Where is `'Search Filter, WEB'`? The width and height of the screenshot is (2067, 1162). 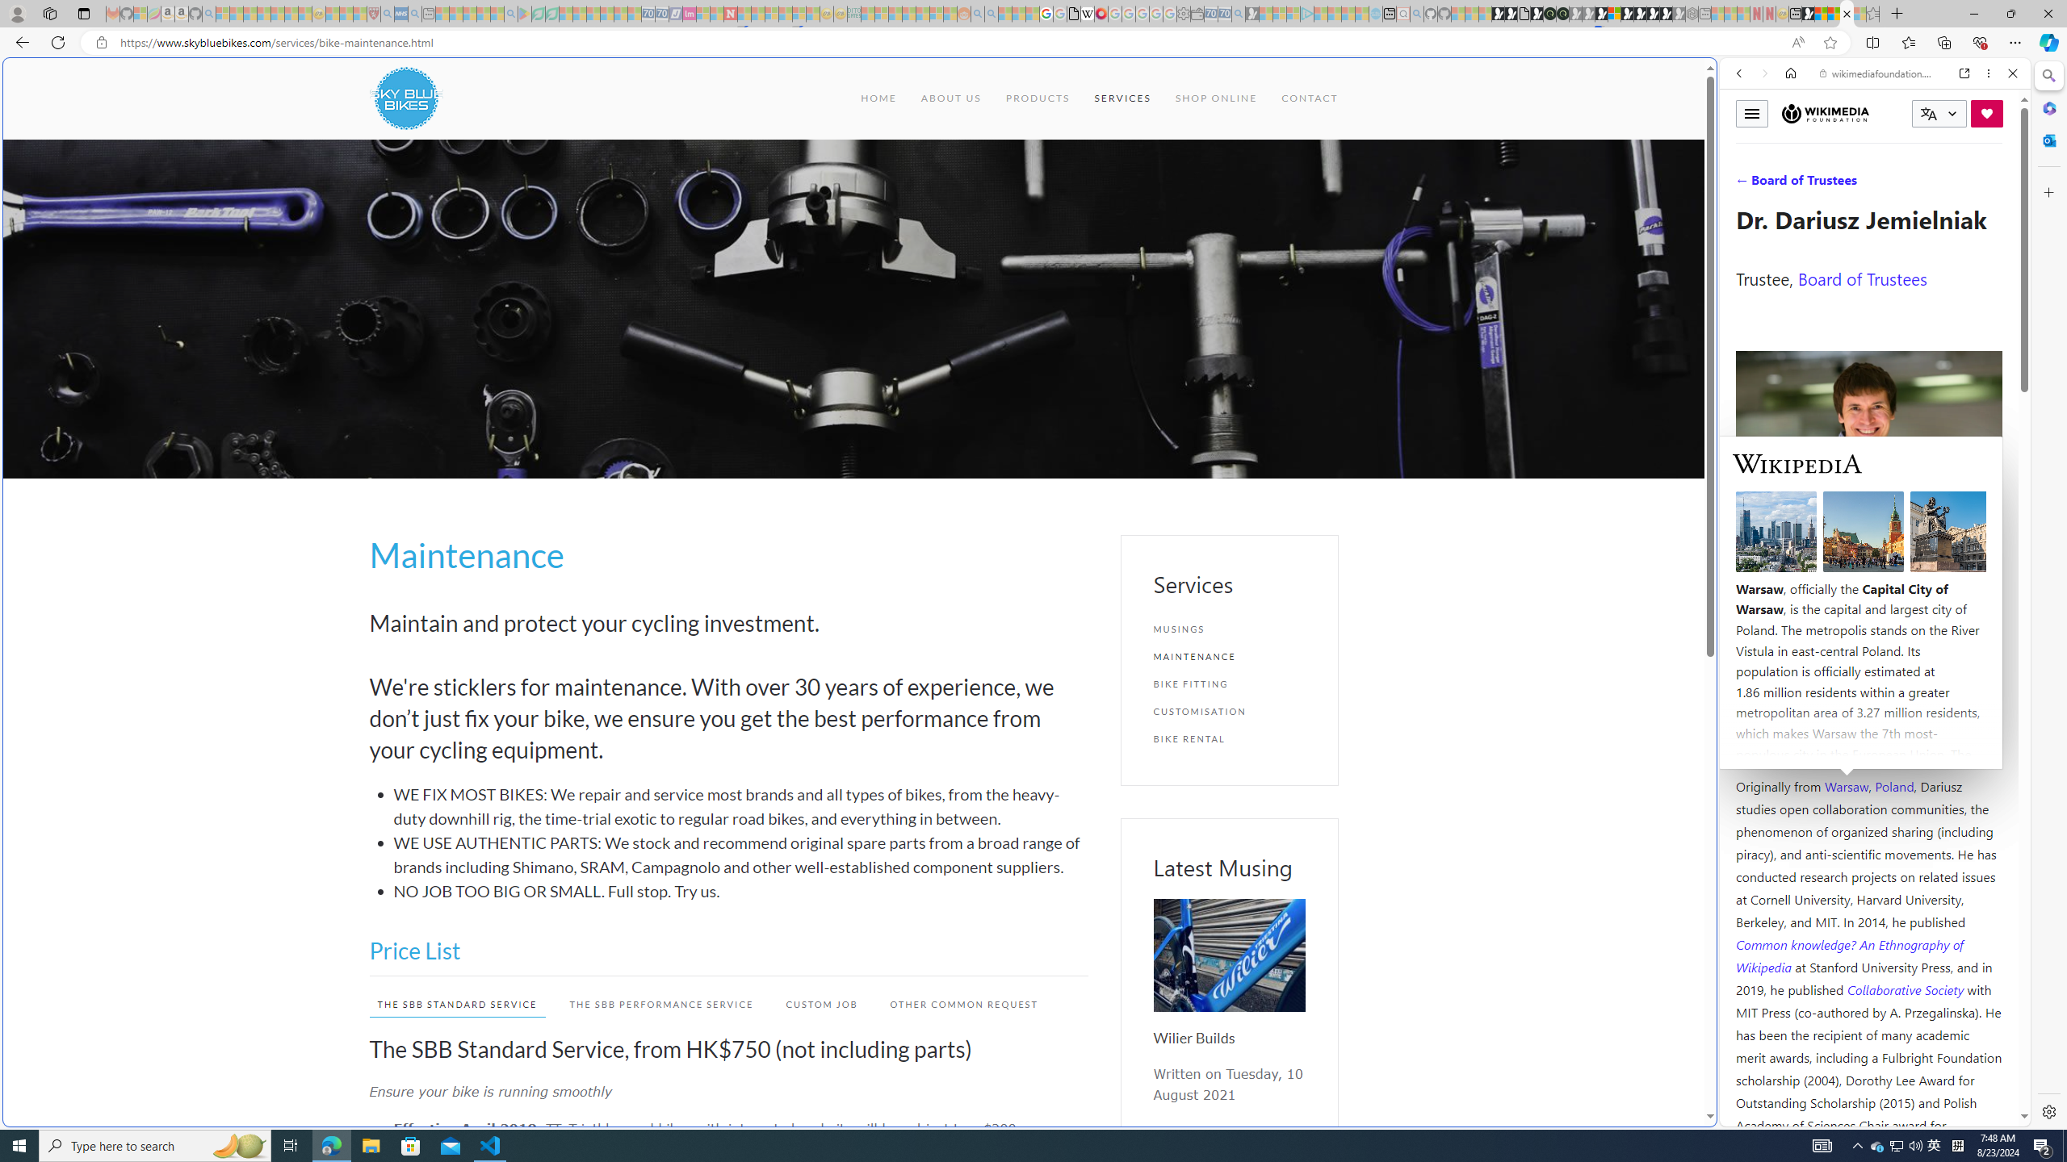
'Search Filter, WEB' is located at coordinates (1746, 183).